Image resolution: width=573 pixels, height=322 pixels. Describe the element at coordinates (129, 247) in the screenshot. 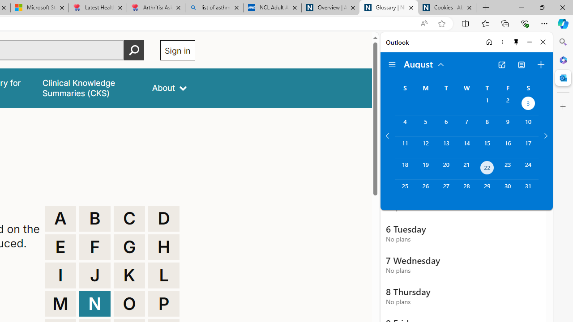

I see `'G'` at that location.